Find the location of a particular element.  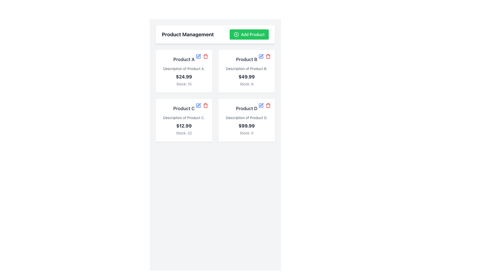

the pen icon located in the top-right corner of the 'Product D' card to initiate editing is located at coordinates (261, 104).